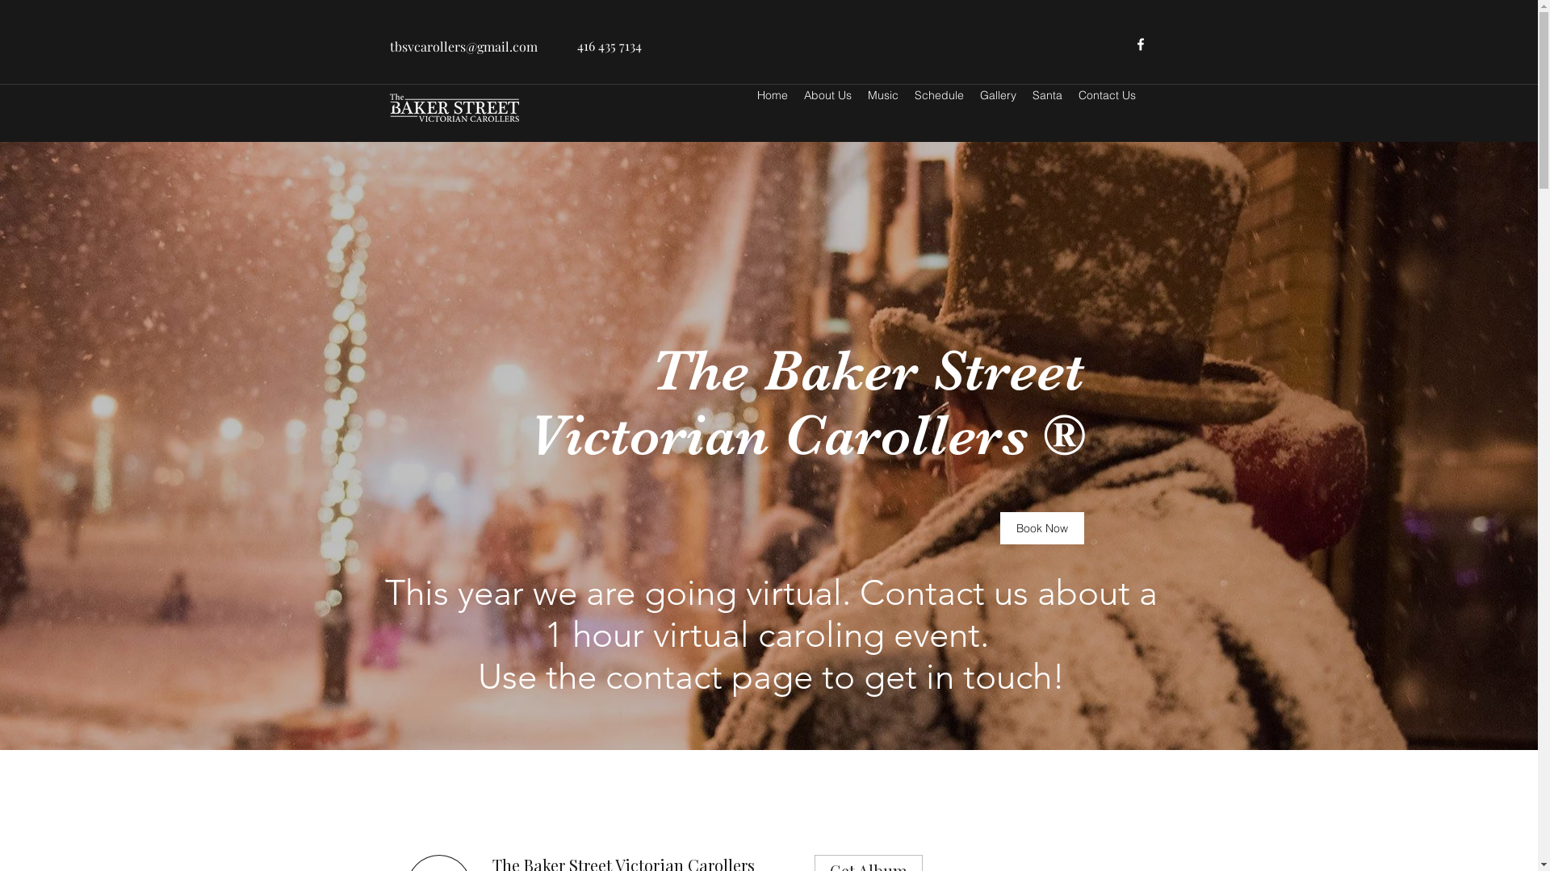 The width and height of the screenshot is (1550, 871). Describe the element at coordinates (882, 95) in the screenshot. I see `'Music'` at that location.